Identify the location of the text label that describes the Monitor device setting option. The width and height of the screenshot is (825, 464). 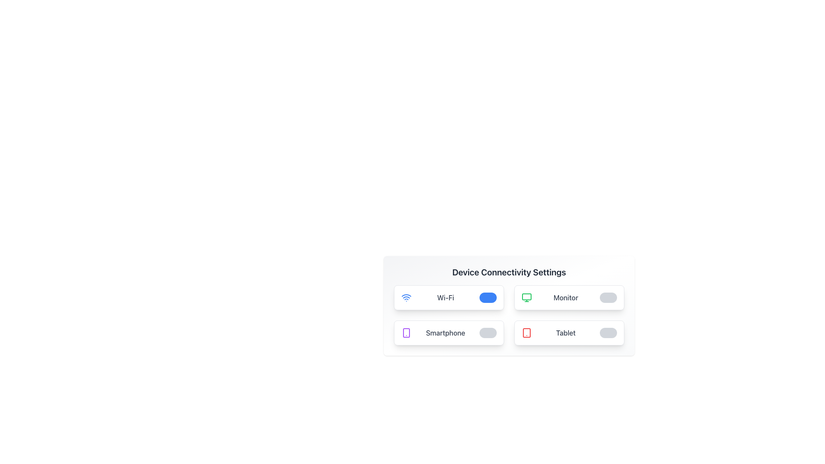
(565, 297).